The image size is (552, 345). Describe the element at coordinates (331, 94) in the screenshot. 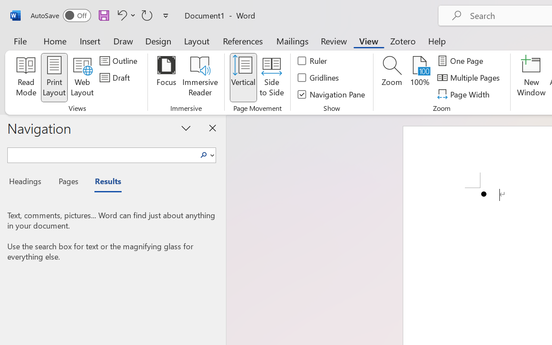

I see `'Navigation Pane'` at that location.